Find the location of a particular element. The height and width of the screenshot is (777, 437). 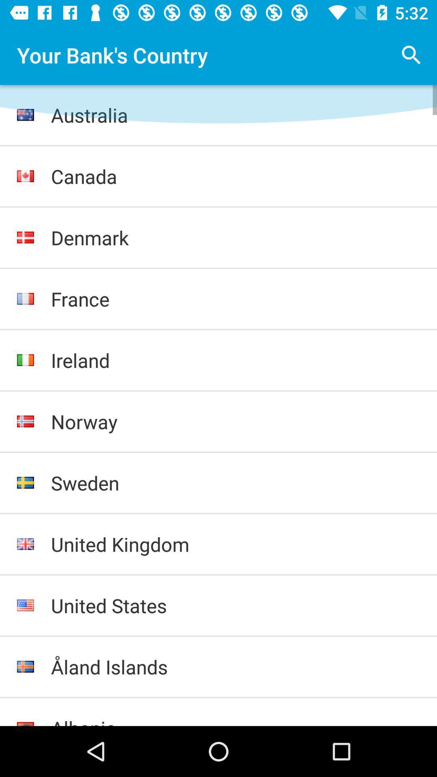

the item above the canada item is located at coordinates (235, 115).